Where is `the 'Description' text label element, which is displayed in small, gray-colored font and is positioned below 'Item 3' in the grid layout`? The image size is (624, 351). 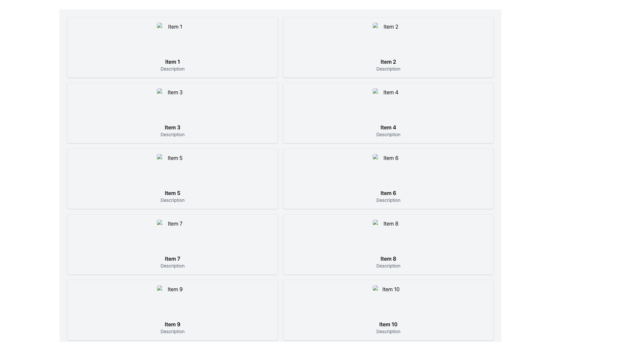 the 'Description' text label element, which is displayed in small, gray-colored font and is positioned below 'Item 3' in the grid layout is located at coordinates (173, 134).